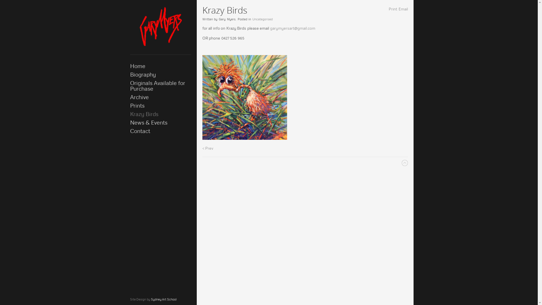 The height and width of the screenshot is (305, 542). Describe the element at coordinates (160, 122) in the screenshot. I see `'News & Events'` at that location.